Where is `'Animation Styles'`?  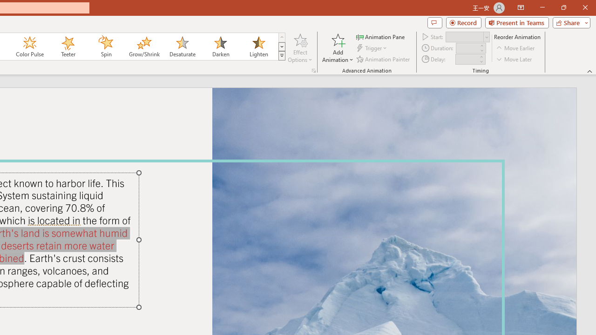
'Animation Styles' is located at coordinates (281, 56).